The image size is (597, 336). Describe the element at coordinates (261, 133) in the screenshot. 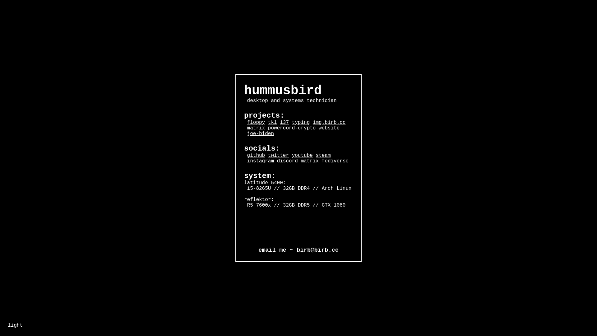

I see `'joe-biden'` at that location.